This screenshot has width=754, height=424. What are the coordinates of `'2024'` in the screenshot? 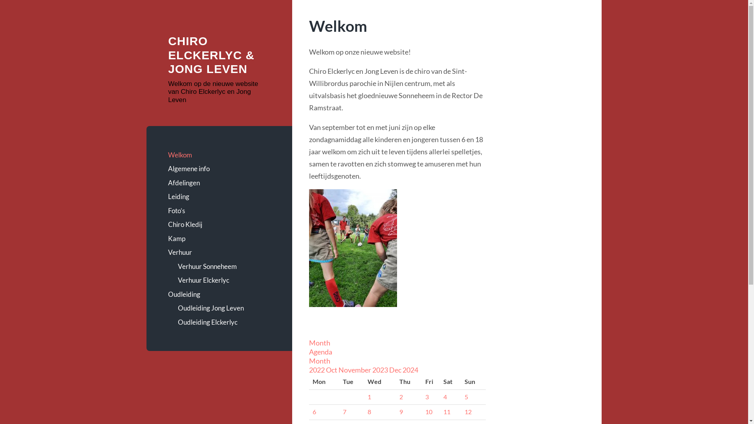 It's located at (403, 369).